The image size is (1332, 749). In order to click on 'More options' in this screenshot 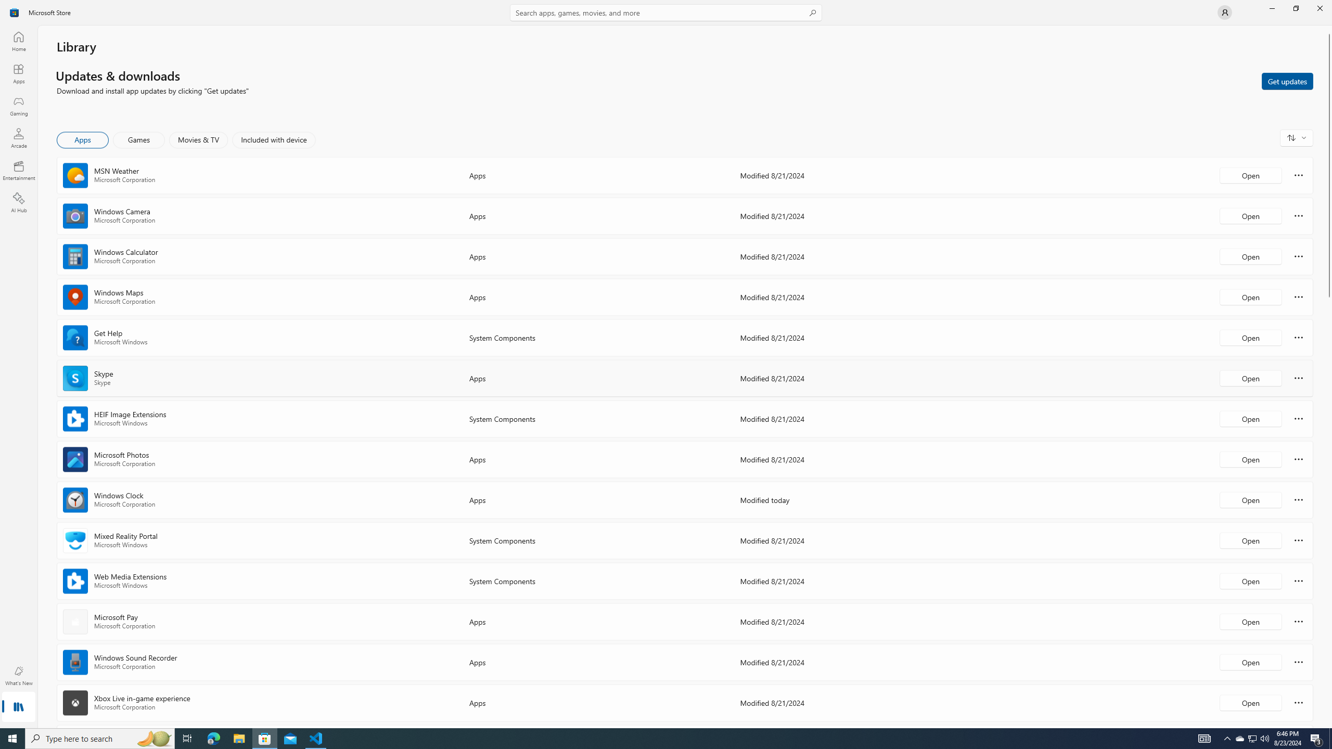, I will do `click(1298, 702)`.